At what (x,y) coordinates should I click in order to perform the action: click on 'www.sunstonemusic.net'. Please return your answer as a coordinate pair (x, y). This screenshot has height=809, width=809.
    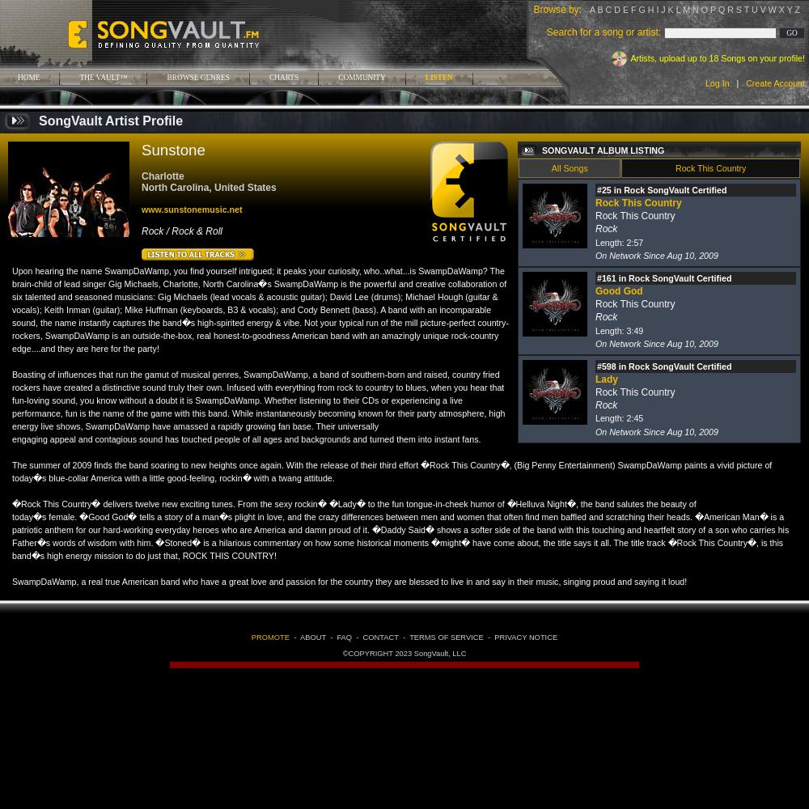
    Looking at the image, I should click on (191, 210).